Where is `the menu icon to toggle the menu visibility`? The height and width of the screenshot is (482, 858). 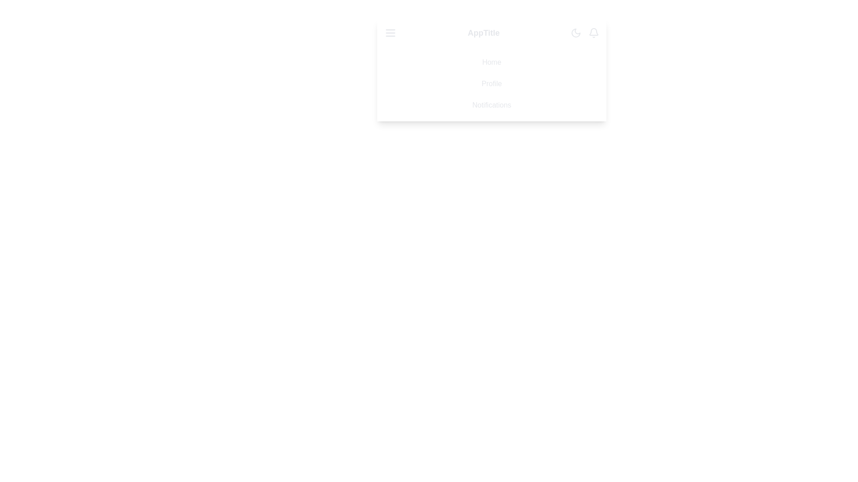
the menu icon to toggle the menu visibility is located at coordinates (390, 32).